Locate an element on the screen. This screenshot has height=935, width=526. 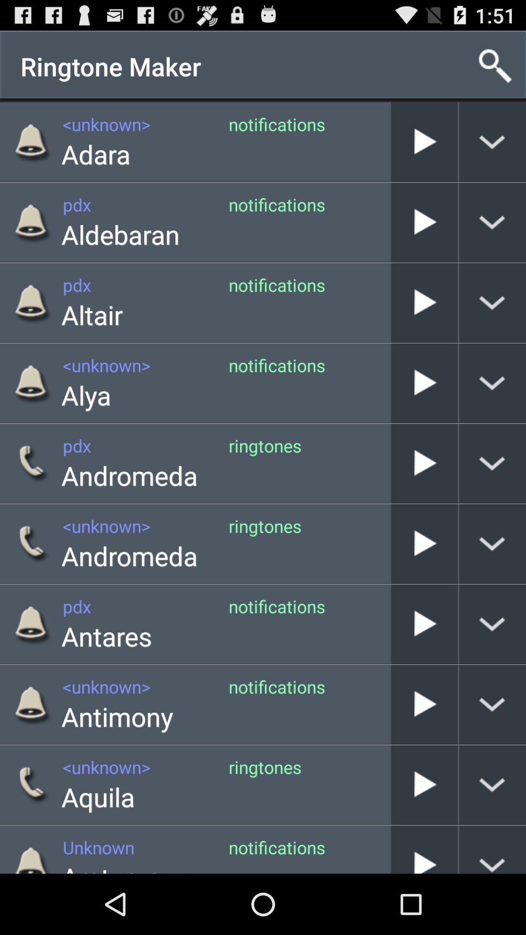
play is located at coordinates (424, 543).